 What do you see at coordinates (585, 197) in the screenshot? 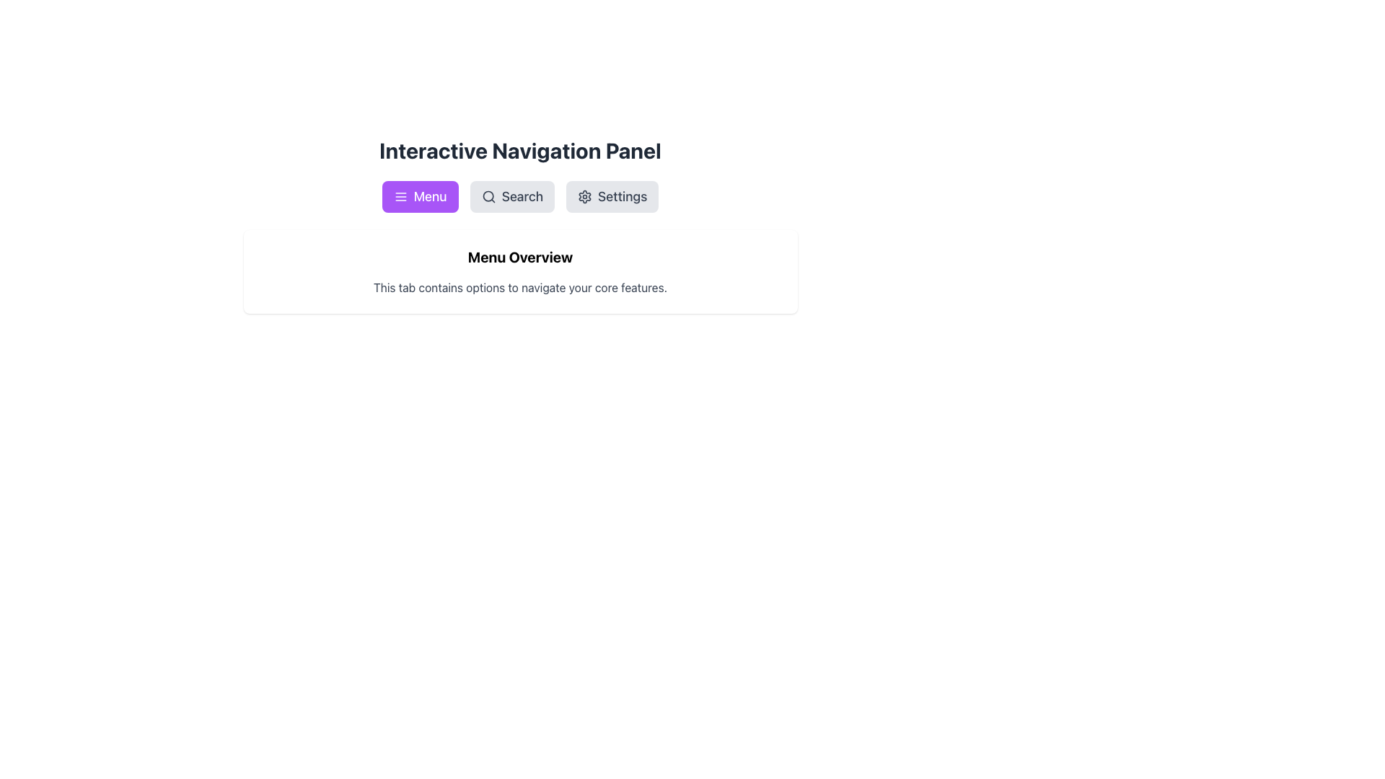
I see `the gear icon representing the settings option located within the 'Settings' button on the rightmost side of the horizontal menu bar` at bounding box center [585, 197].